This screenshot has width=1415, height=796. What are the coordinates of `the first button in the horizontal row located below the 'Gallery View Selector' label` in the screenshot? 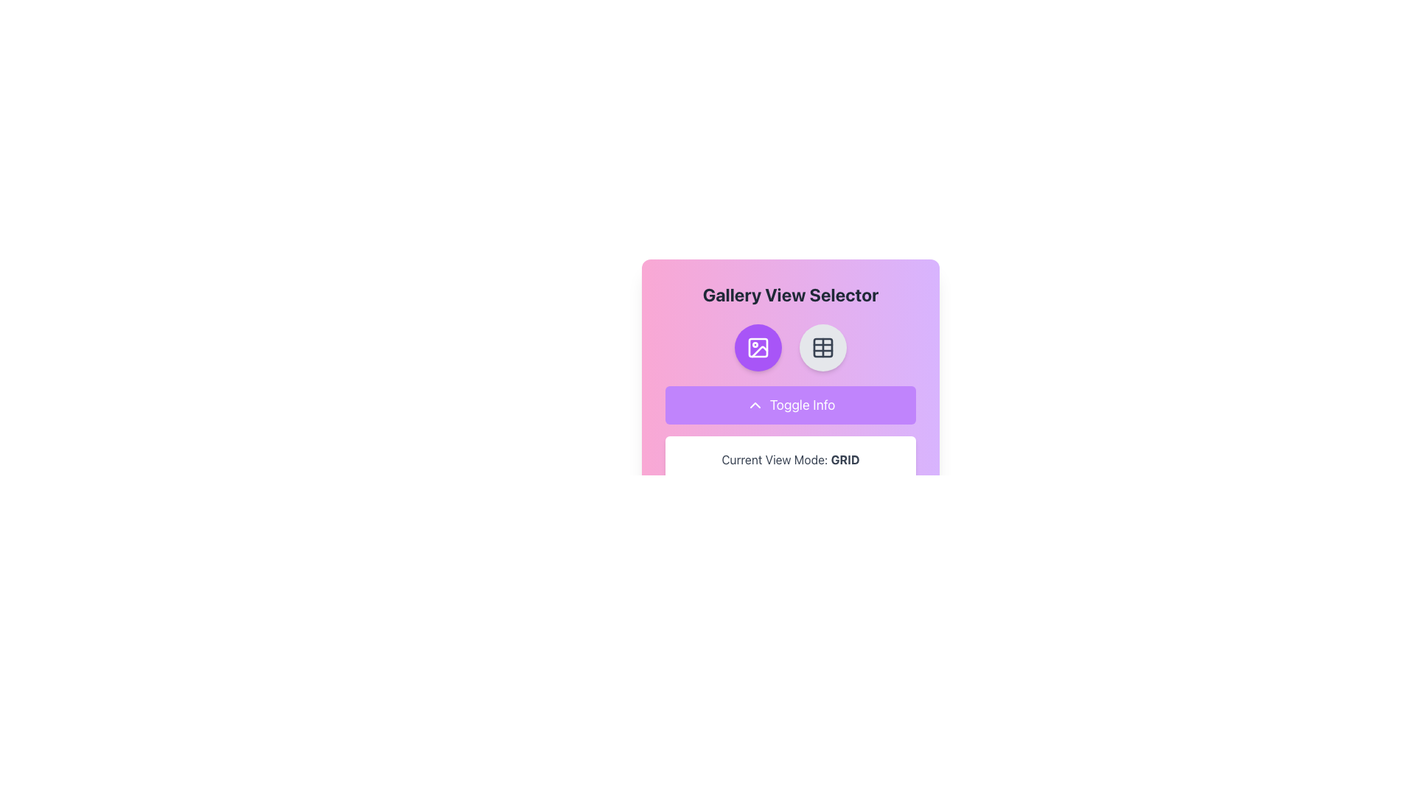 It's located at (758, 347).